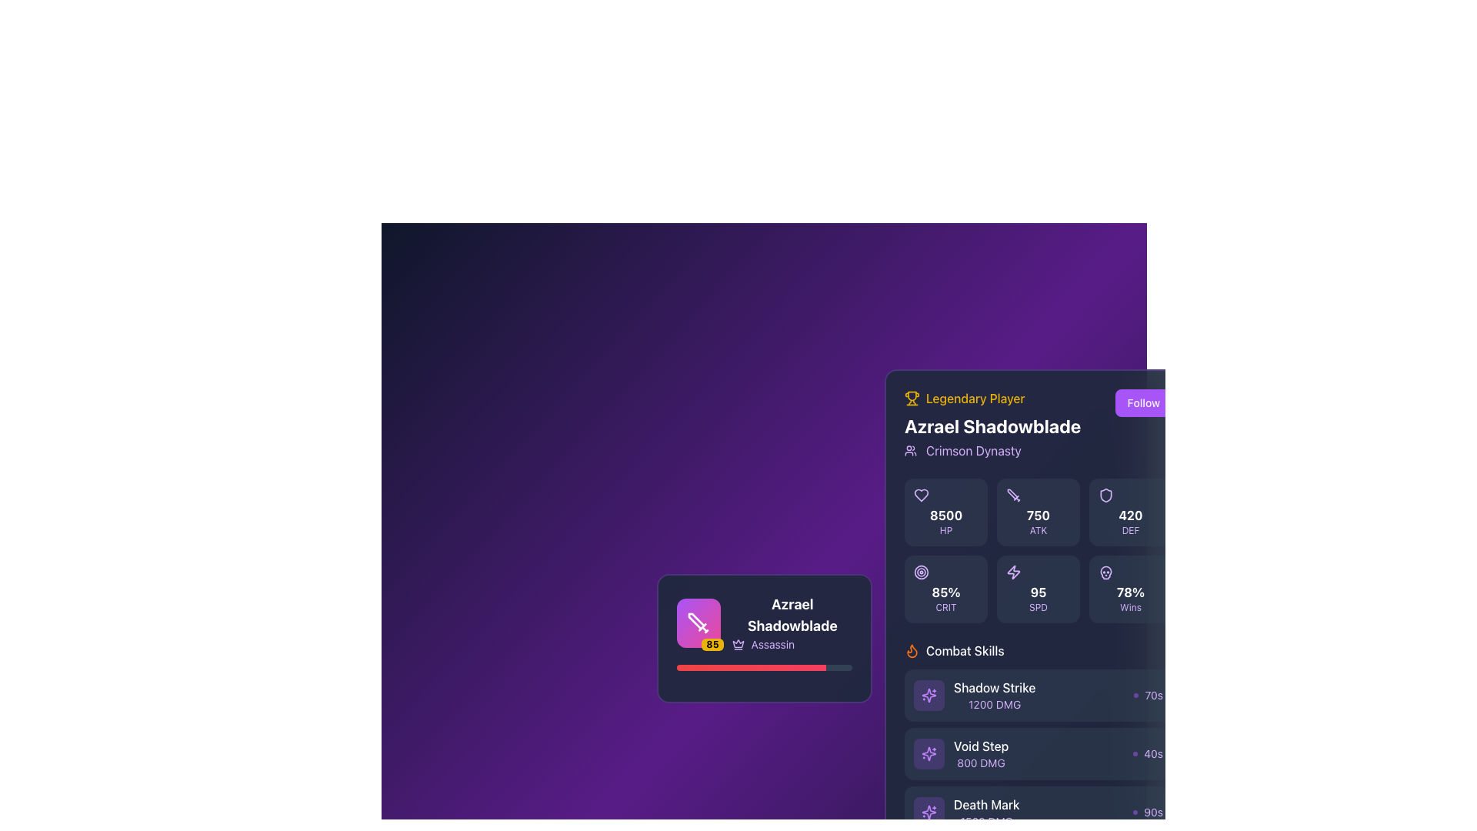 The height and width of the screenshot is (831, 1477). I want to click on displayed value '85' on the small rectangular badge with a bright yellow background and bold black text located at the bottom-right corner of the sword icon, so click(712, 644).